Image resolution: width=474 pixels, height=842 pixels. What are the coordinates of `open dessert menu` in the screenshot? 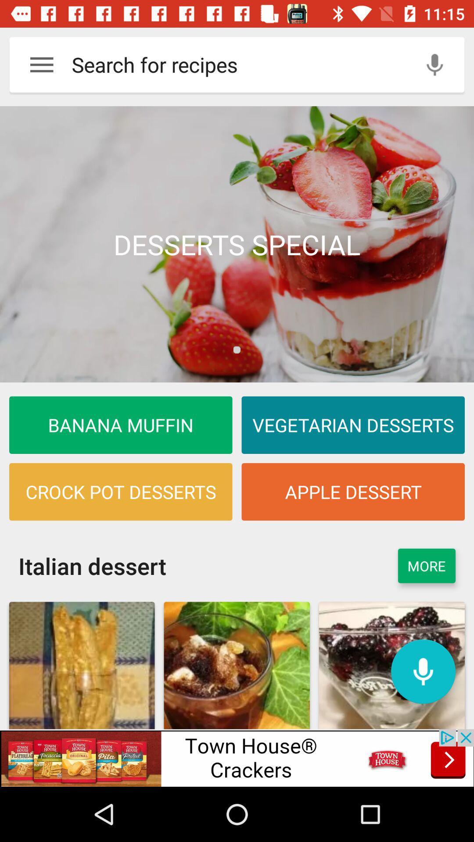 It's located at (237, 244).